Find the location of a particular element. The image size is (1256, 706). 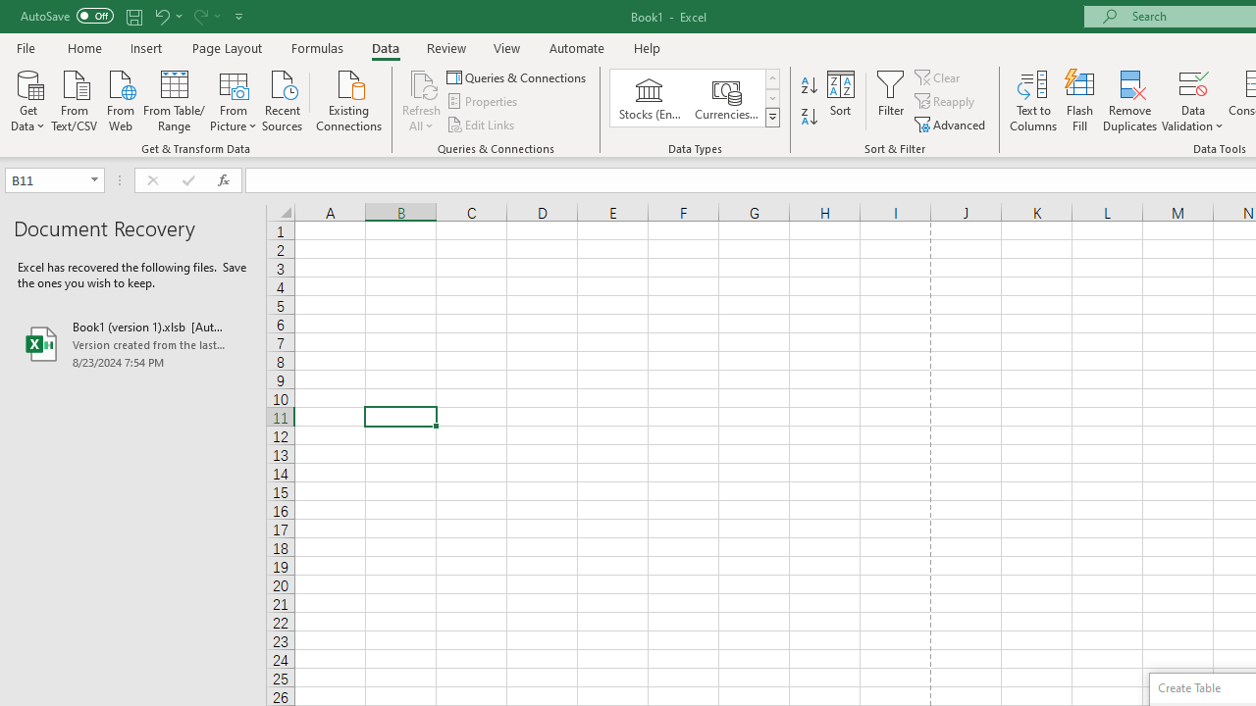

'Review' is located at coordinates (445, 47).